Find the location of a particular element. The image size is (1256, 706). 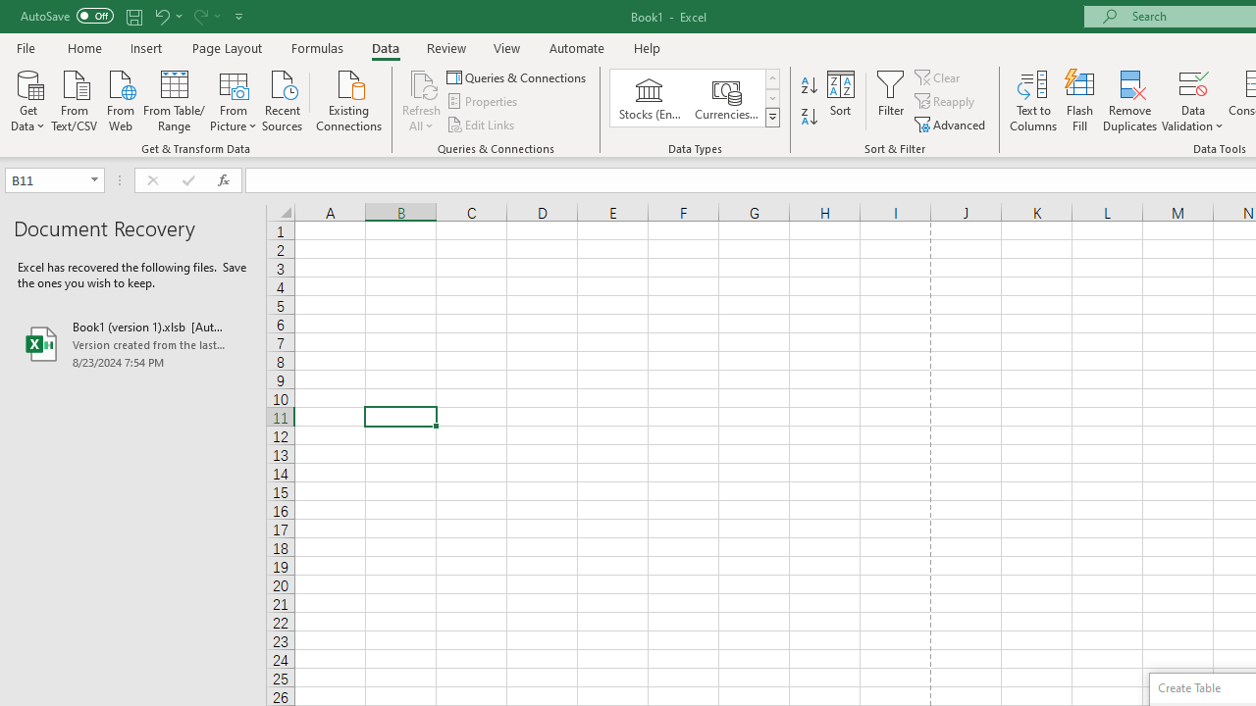

'Review' is located at coordinates (445, 47).